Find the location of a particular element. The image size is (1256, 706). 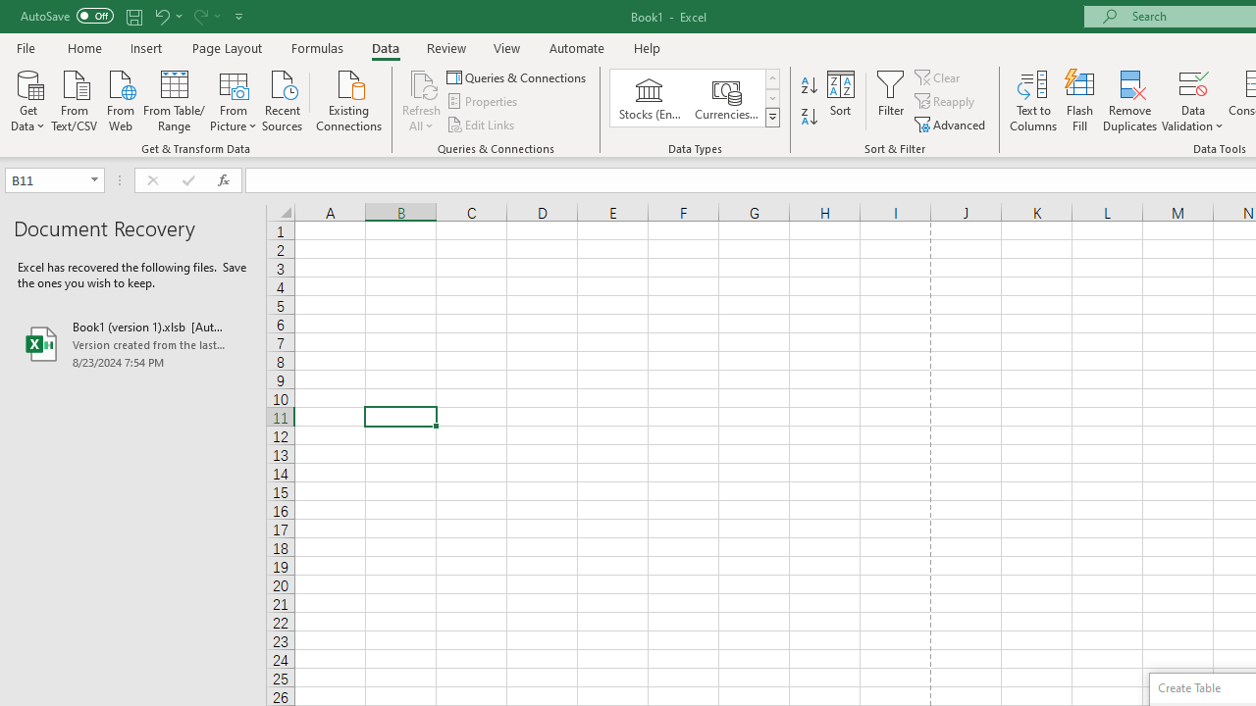

'Review' is located at coordinates (445, 47).